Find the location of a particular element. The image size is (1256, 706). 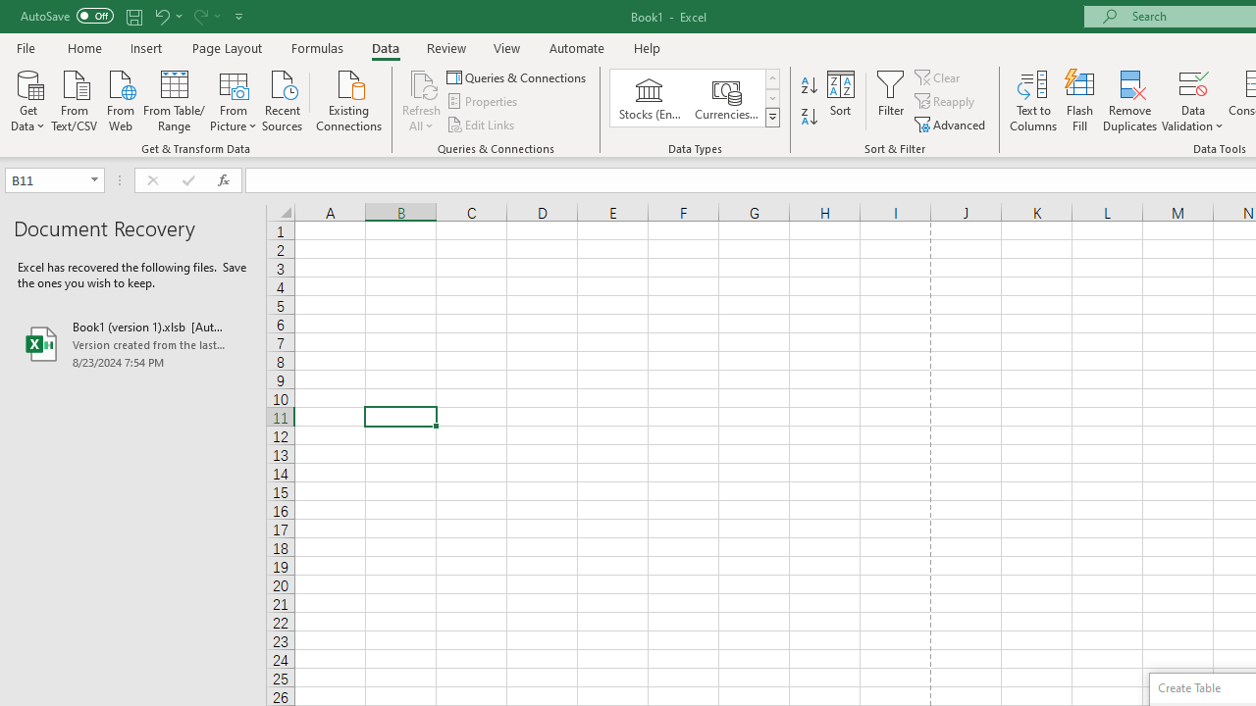

'Review' is located at coordinates (445, 47).